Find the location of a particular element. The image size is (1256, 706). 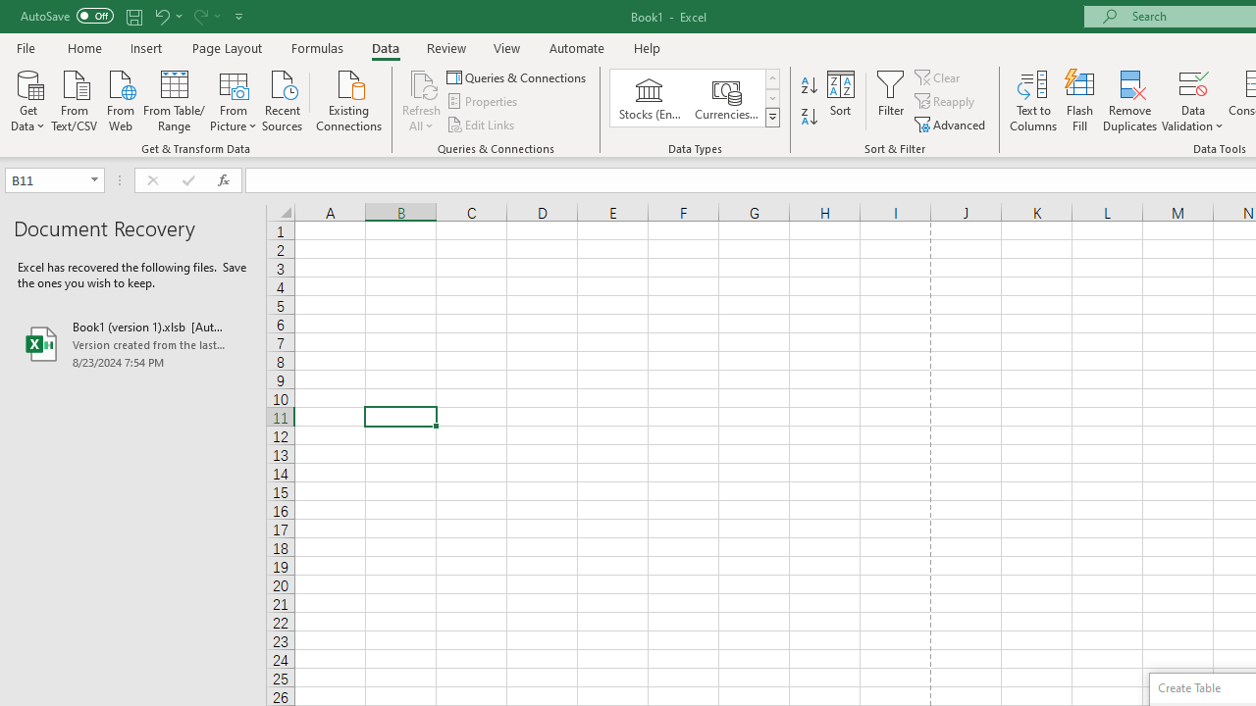

'Review' is located at coordinates (445, 47).